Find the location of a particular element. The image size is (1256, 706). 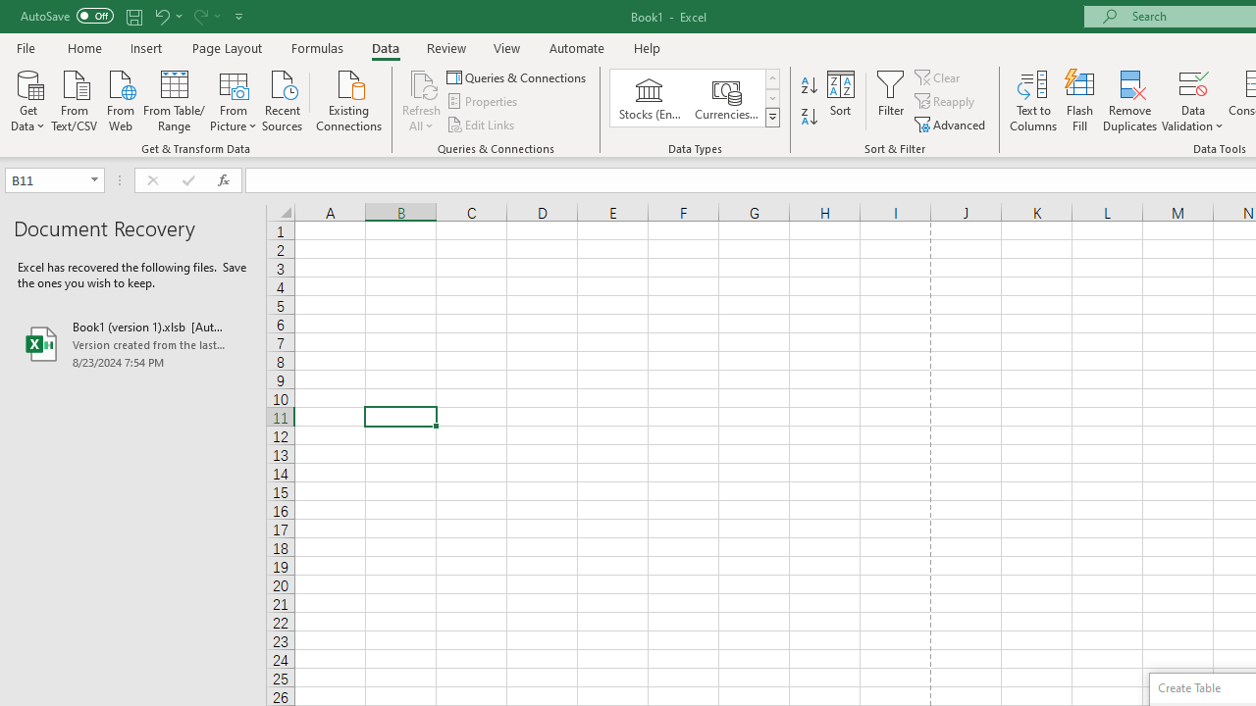

'Review' is located at coordinates (445, 47).